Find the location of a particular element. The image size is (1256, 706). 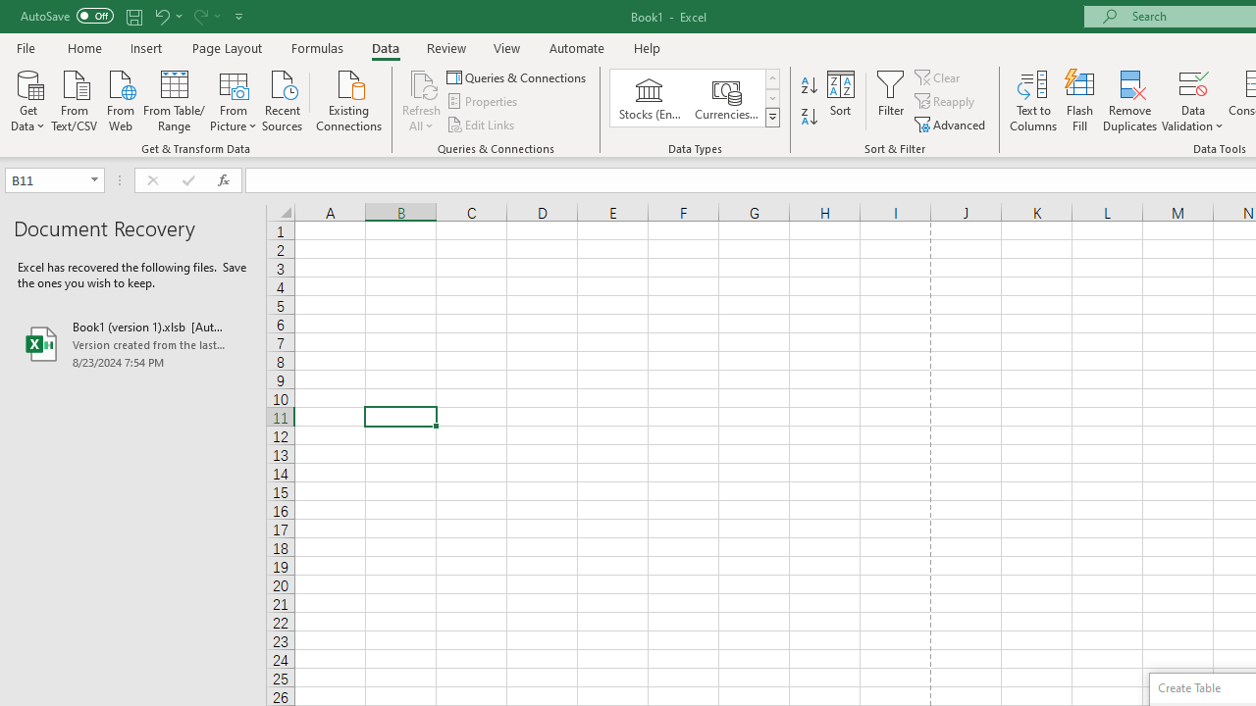

'Review' is located at coordinates (445, 47).